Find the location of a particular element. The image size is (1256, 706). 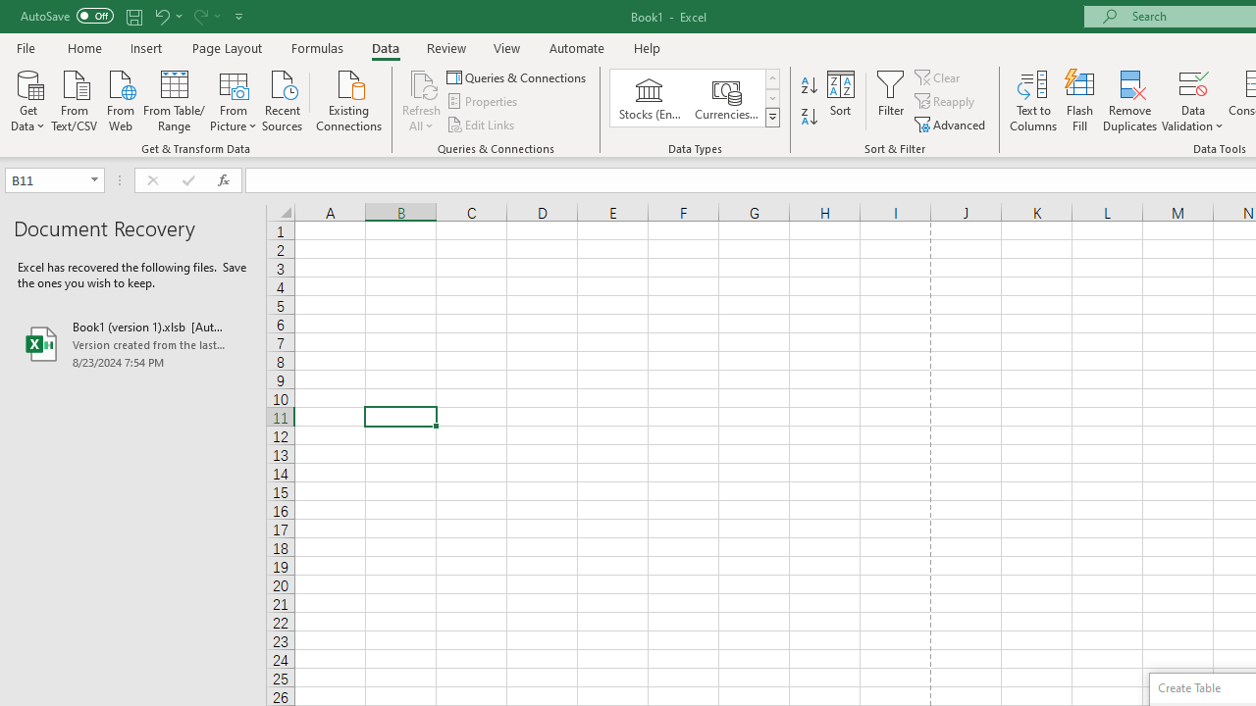

'Review' is located at coordinates (445, 47).